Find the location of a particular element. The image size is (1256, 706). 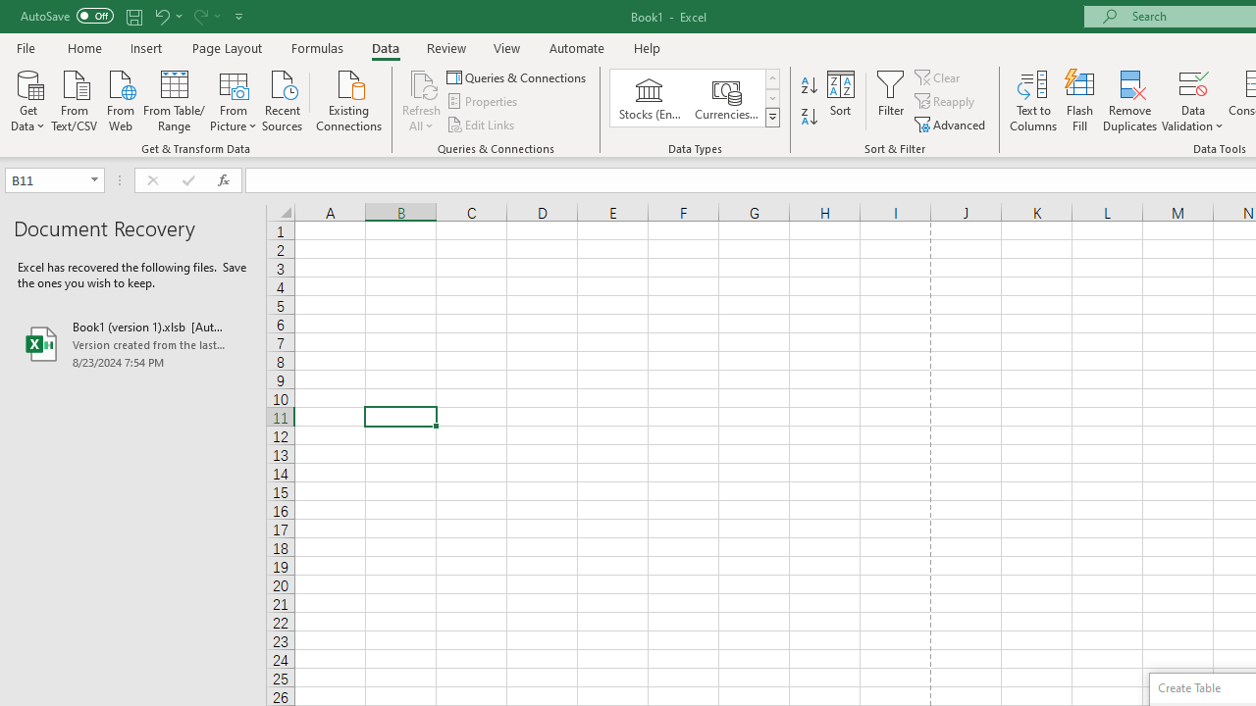

'Review' is located at coordinates (445, 47).